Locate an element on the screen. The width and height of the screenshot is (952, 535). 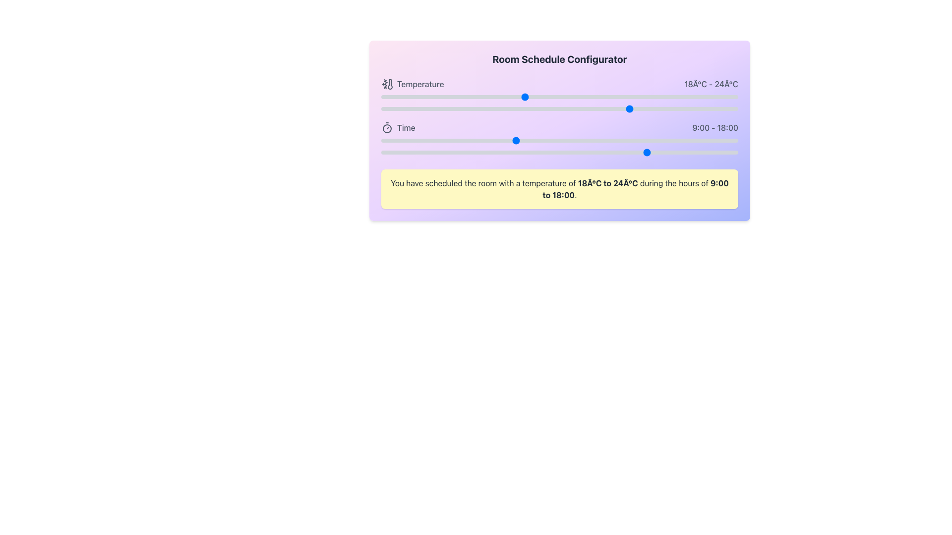
the time is located at coordinates (678, 141).